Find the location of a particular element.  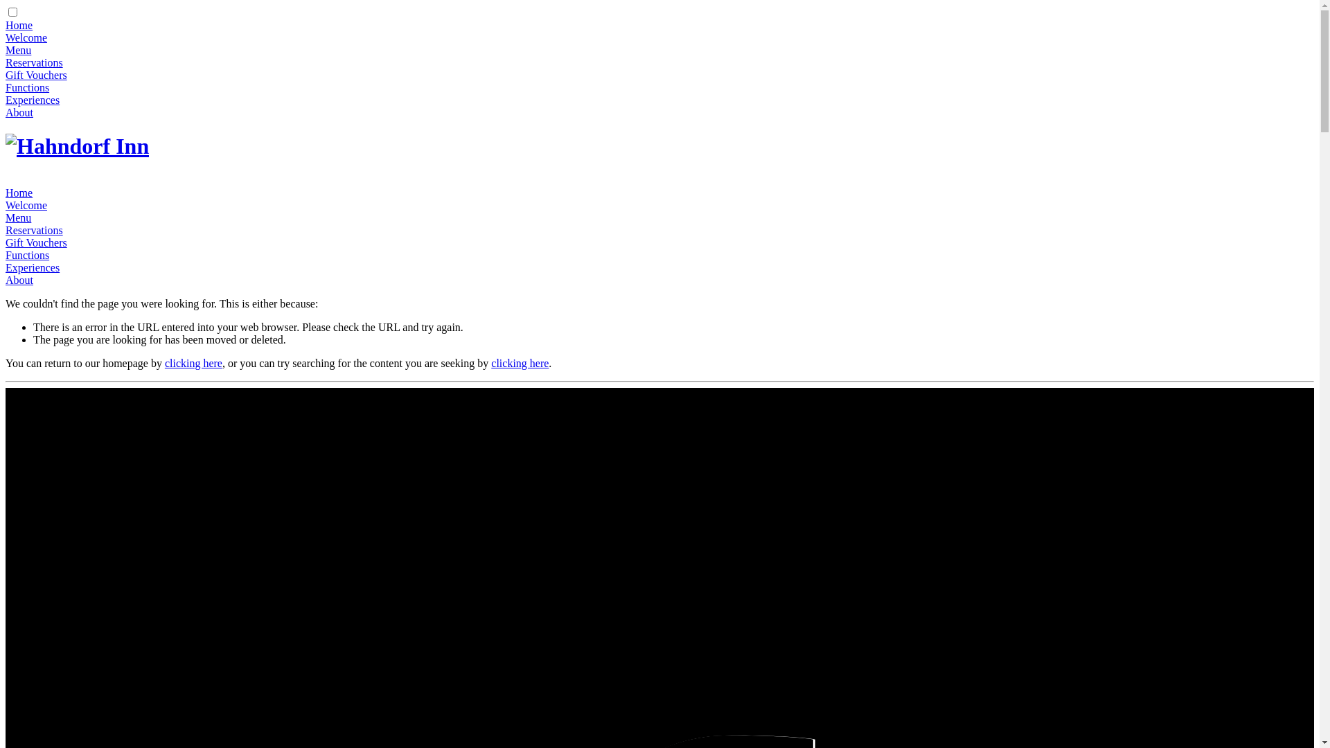

'Home' is located at coordinates (6, 193).